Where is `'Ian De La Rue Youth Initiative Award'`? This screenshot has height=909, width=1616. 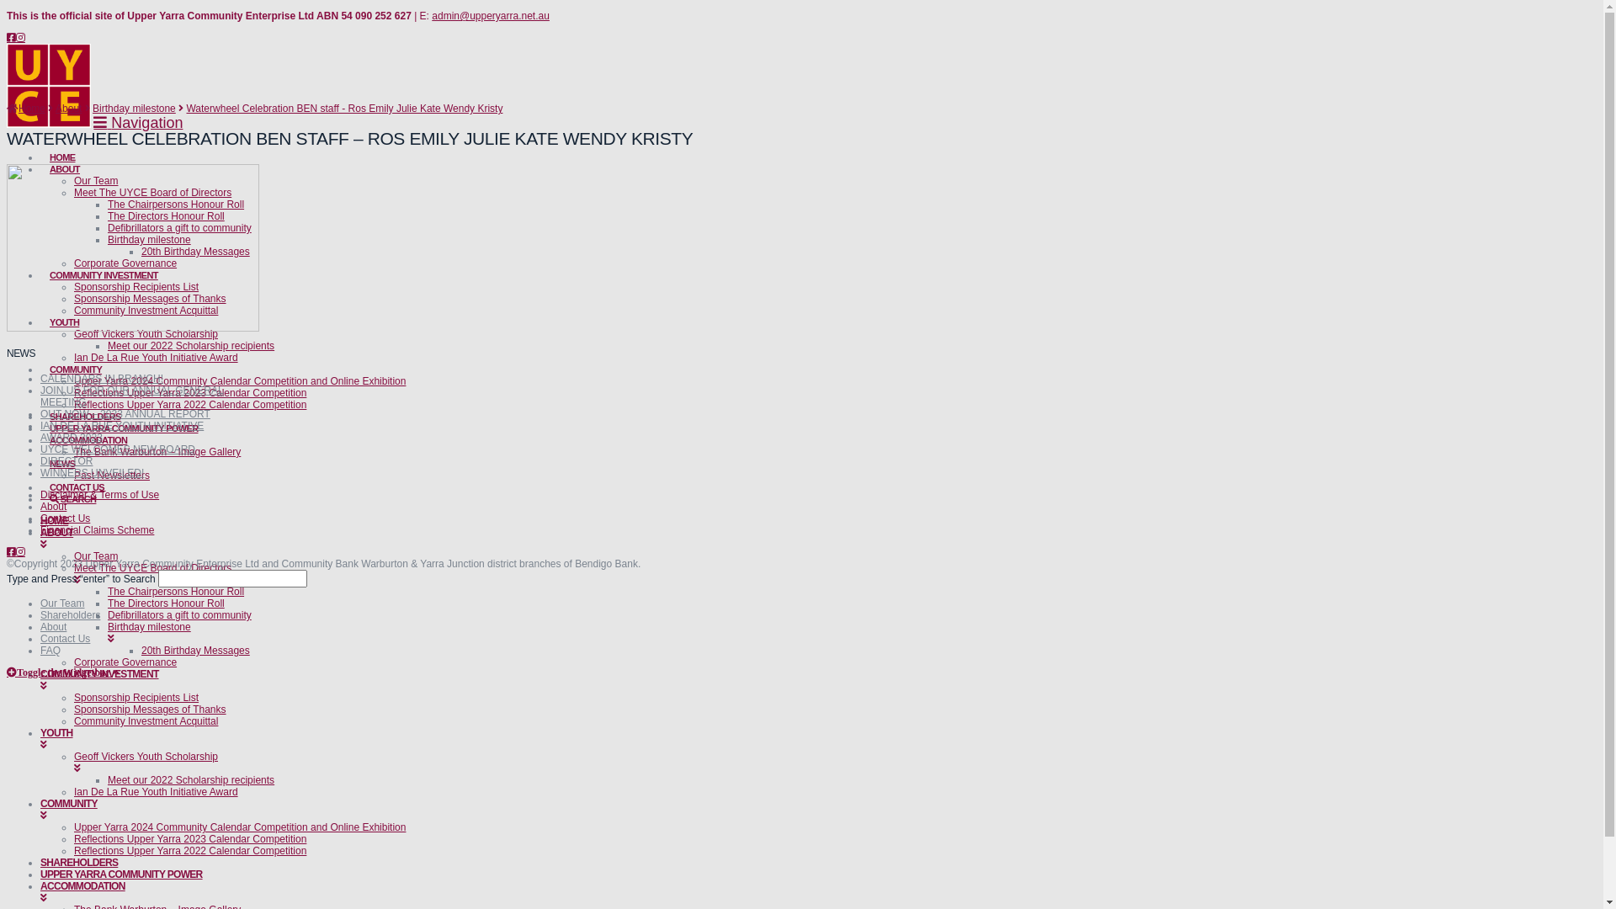
'Ian De La Rue Youth Initiative Award' is located at coordinates (156, 792).